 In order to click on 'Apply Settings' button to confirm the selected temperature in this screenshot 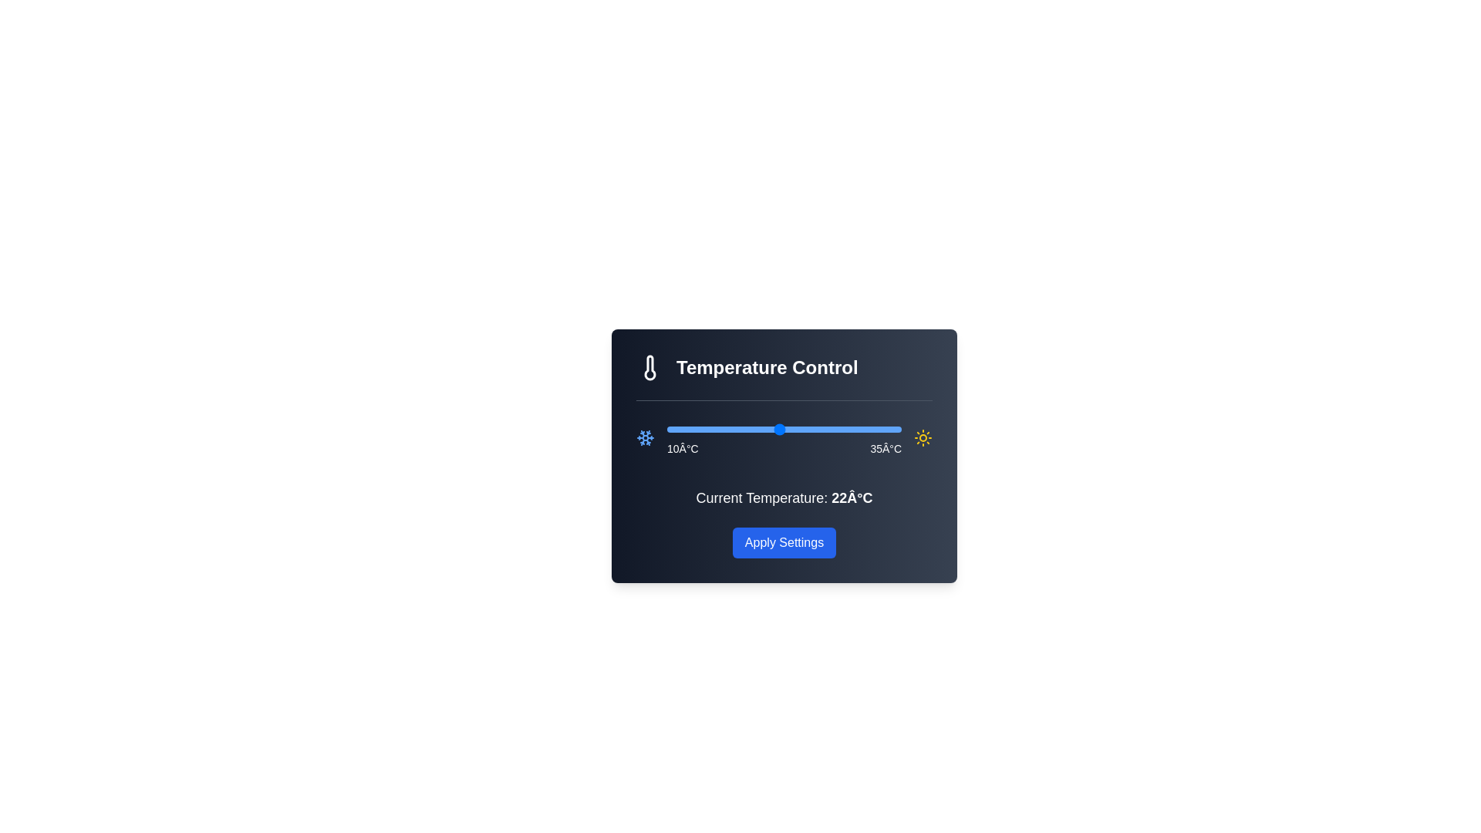, I will do `click(784, 542)`.